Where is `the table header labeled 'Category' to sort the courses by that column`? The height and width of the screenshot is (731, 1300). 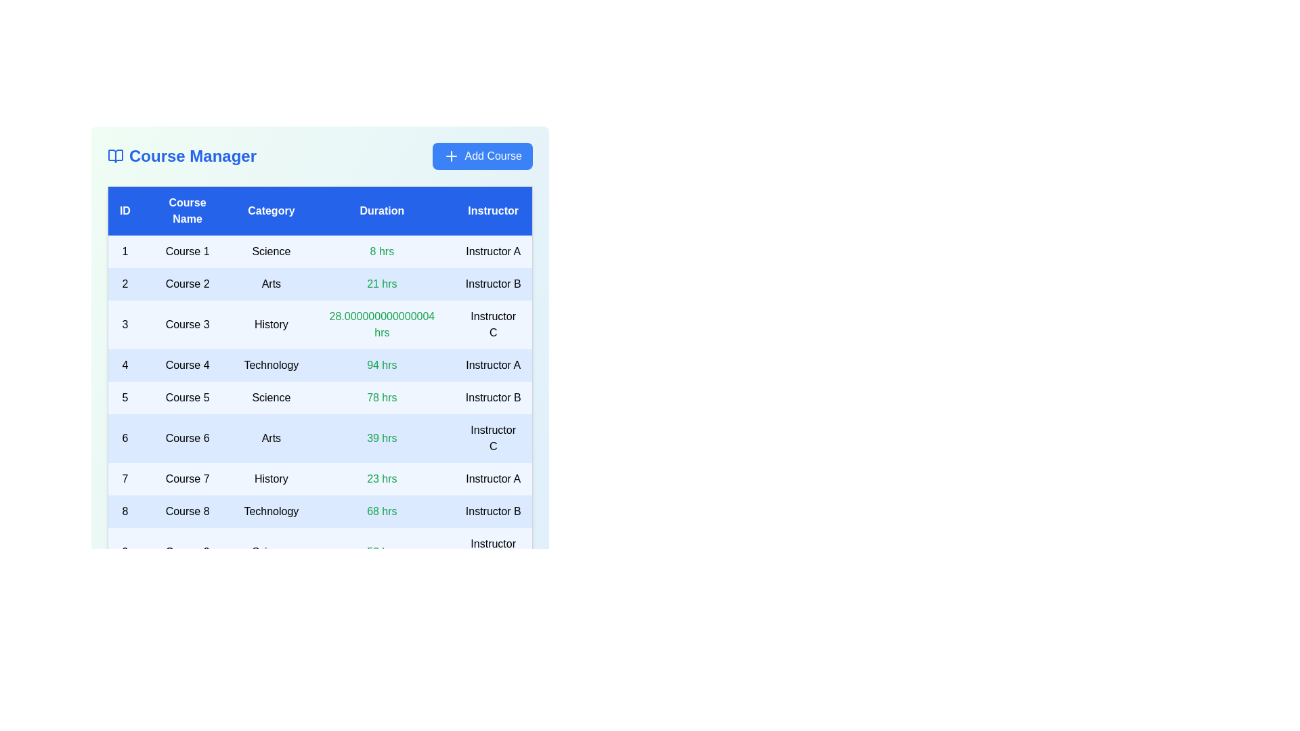
the table header labeled 'Category' to sort the courses by that column is located at coordinates (271, 211).